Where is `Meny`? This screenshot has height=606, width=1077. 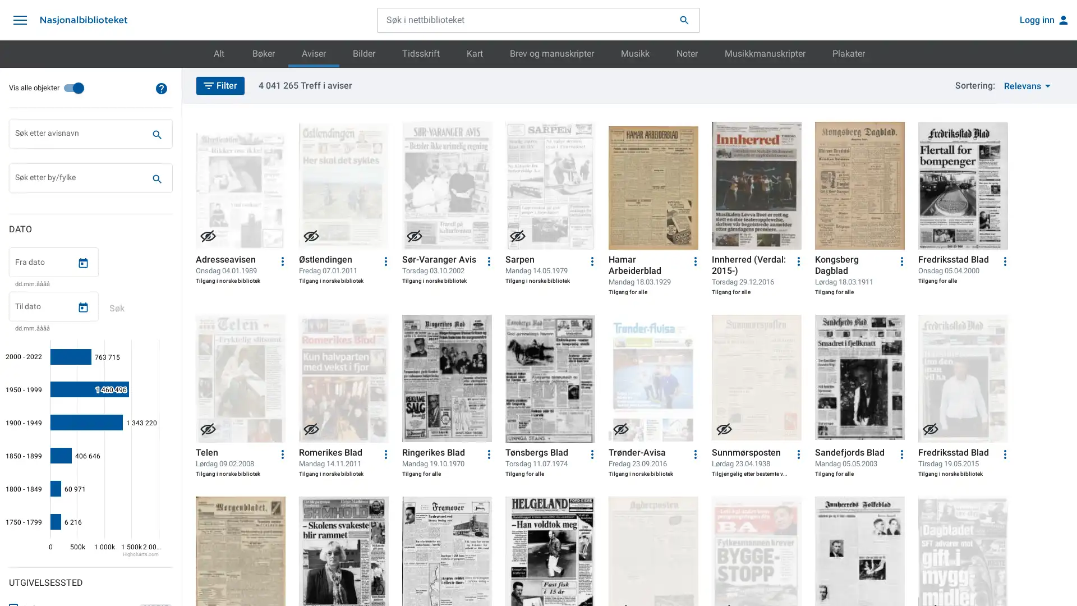 Meny is located at coordinates (20, 20).